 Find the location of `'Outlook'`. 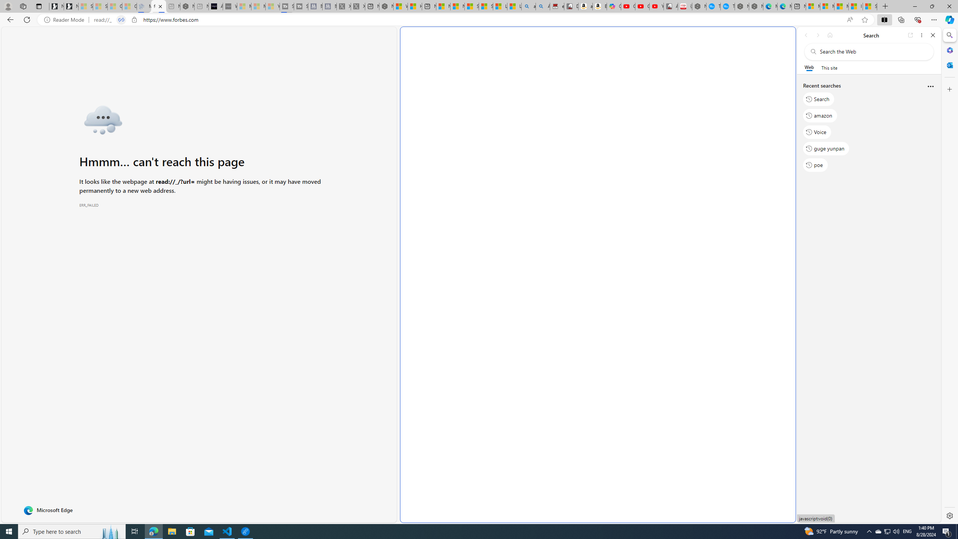

'Outlook' is located at coordinates (949, 64).